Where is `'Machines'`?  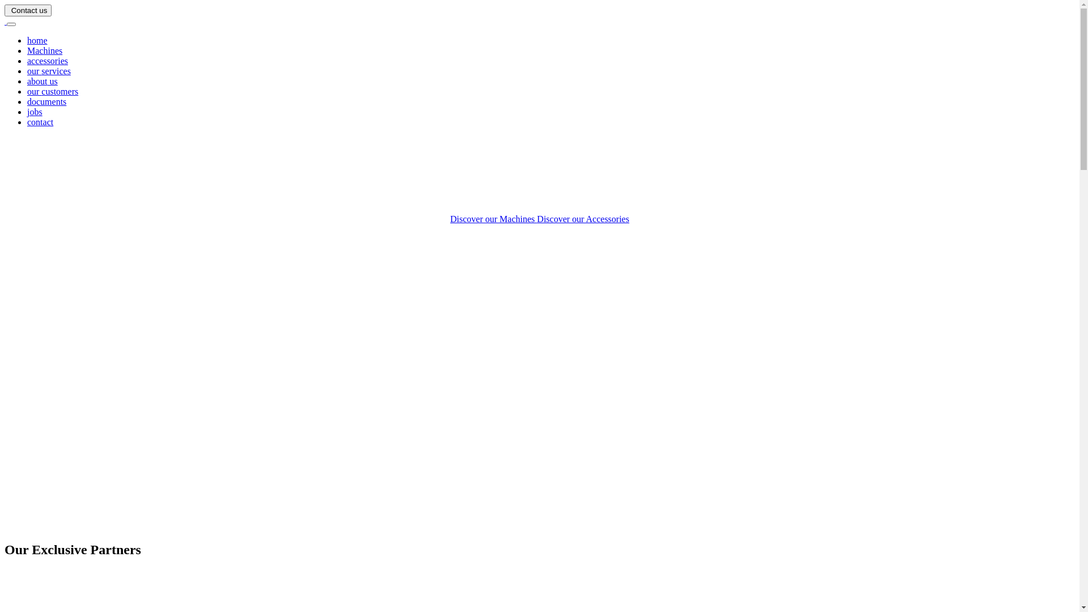 'Machines' is located at coordinates (44, 50).